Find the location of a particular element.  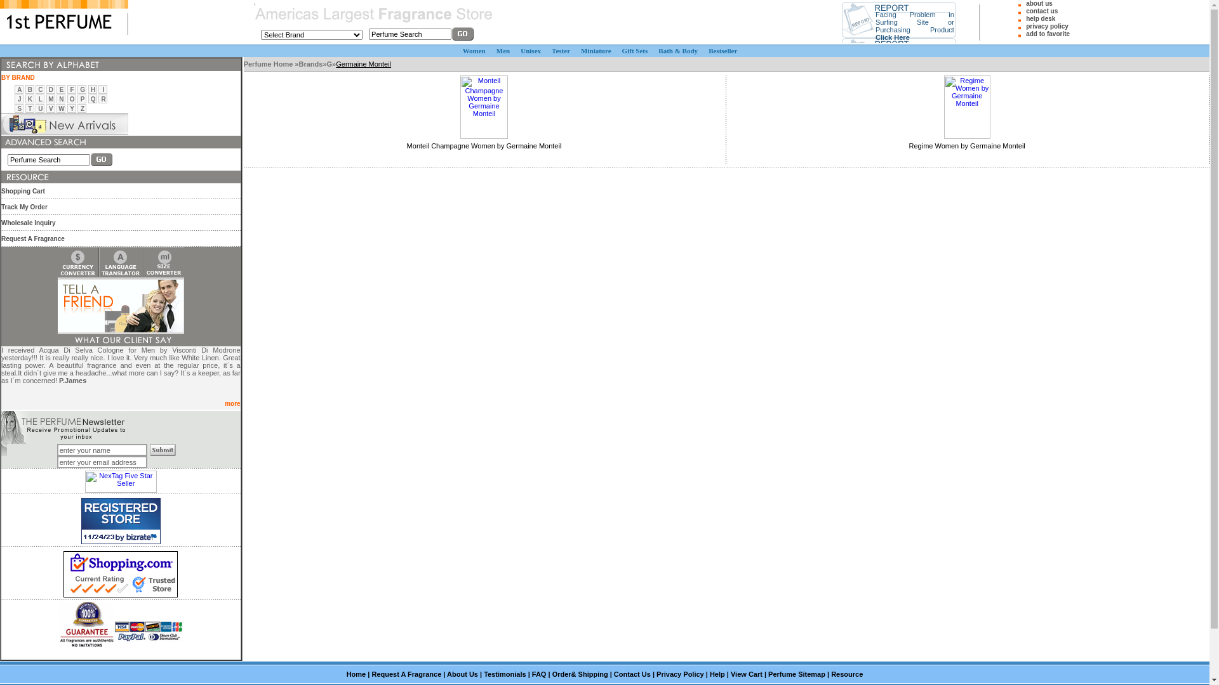

'perfume fragrance' is located at coordinates (1, 410).